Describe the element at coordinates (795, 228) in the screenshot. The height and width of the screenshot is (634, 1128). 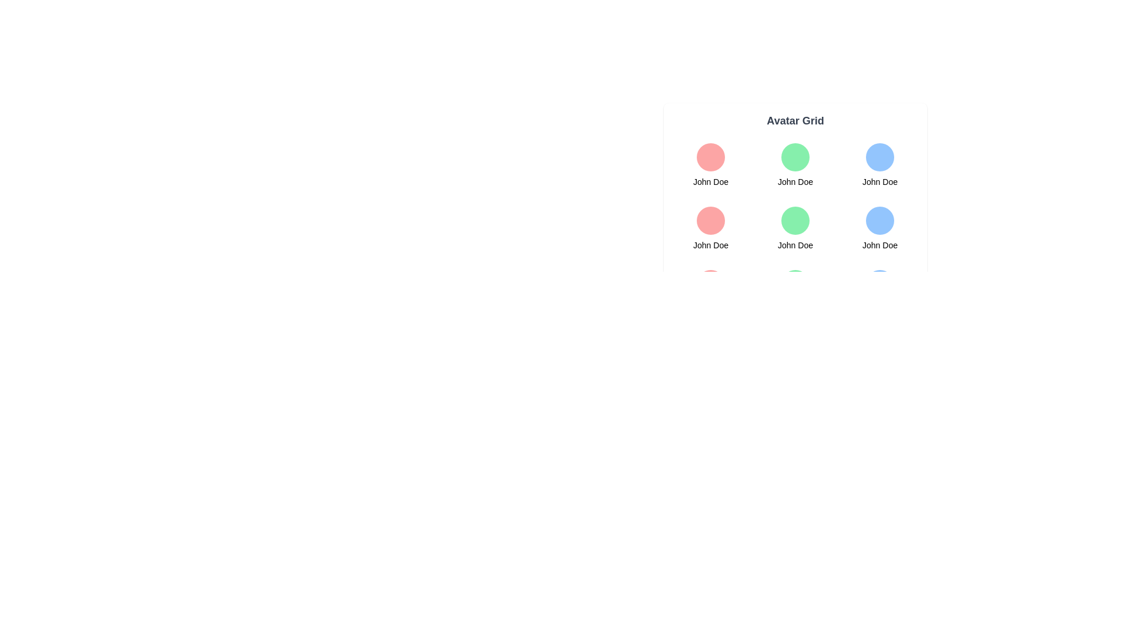
I see `the avatar in the Profile component, which includes an avatar area and a name label, located in the center of the second row of a grid layout` at that location.